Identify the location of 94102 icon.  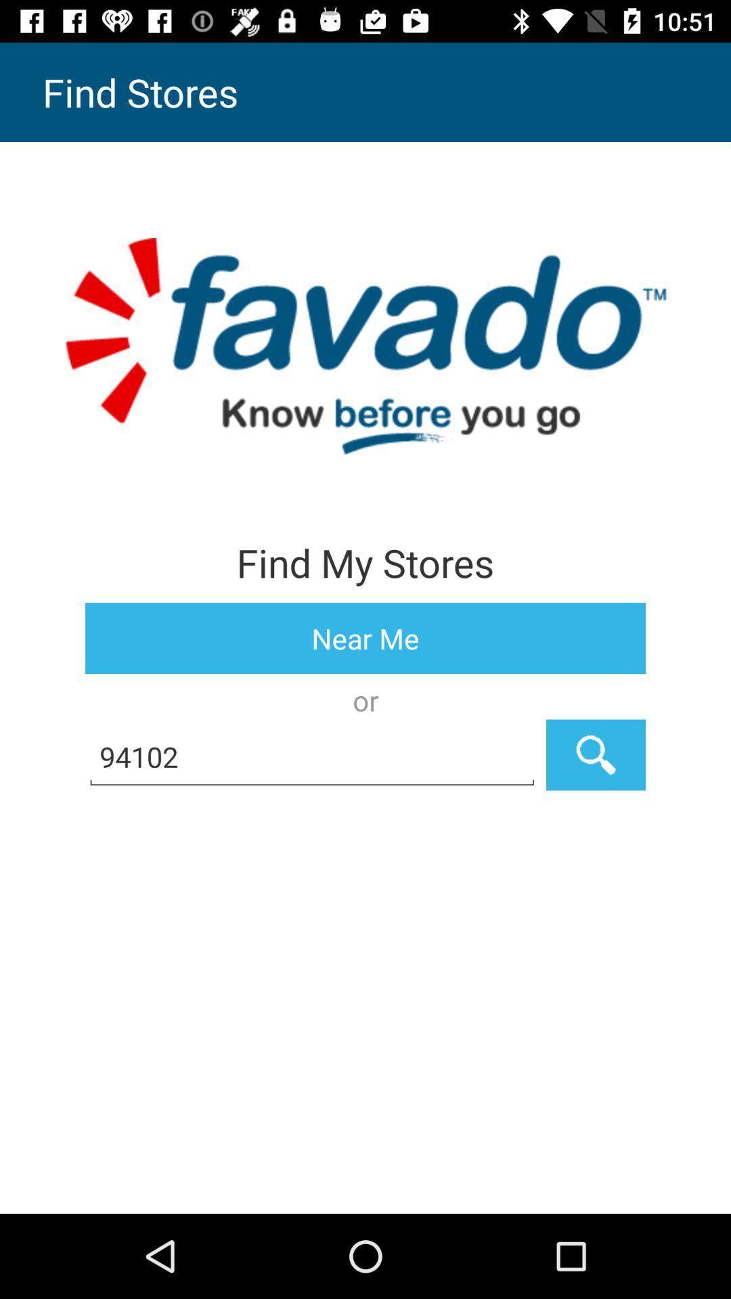
(312, 754).